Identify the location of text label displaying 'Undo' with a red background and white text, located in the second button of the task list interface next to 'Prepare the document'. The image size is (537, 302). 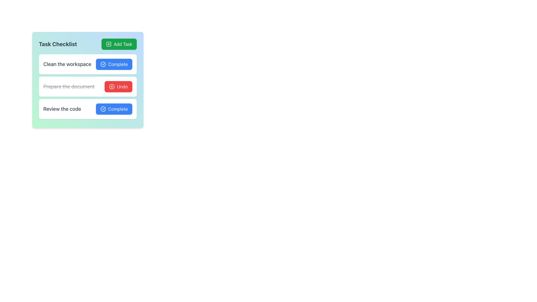
(122, 86).